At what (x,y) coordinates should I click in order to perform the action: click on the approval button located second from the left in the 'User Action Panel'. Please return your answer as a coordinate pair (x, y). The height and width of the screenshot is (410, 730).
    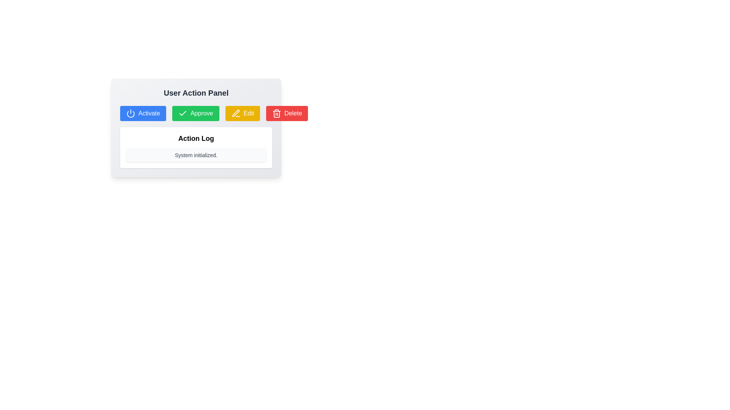
    Looking at the image, I should click on (195, 114).